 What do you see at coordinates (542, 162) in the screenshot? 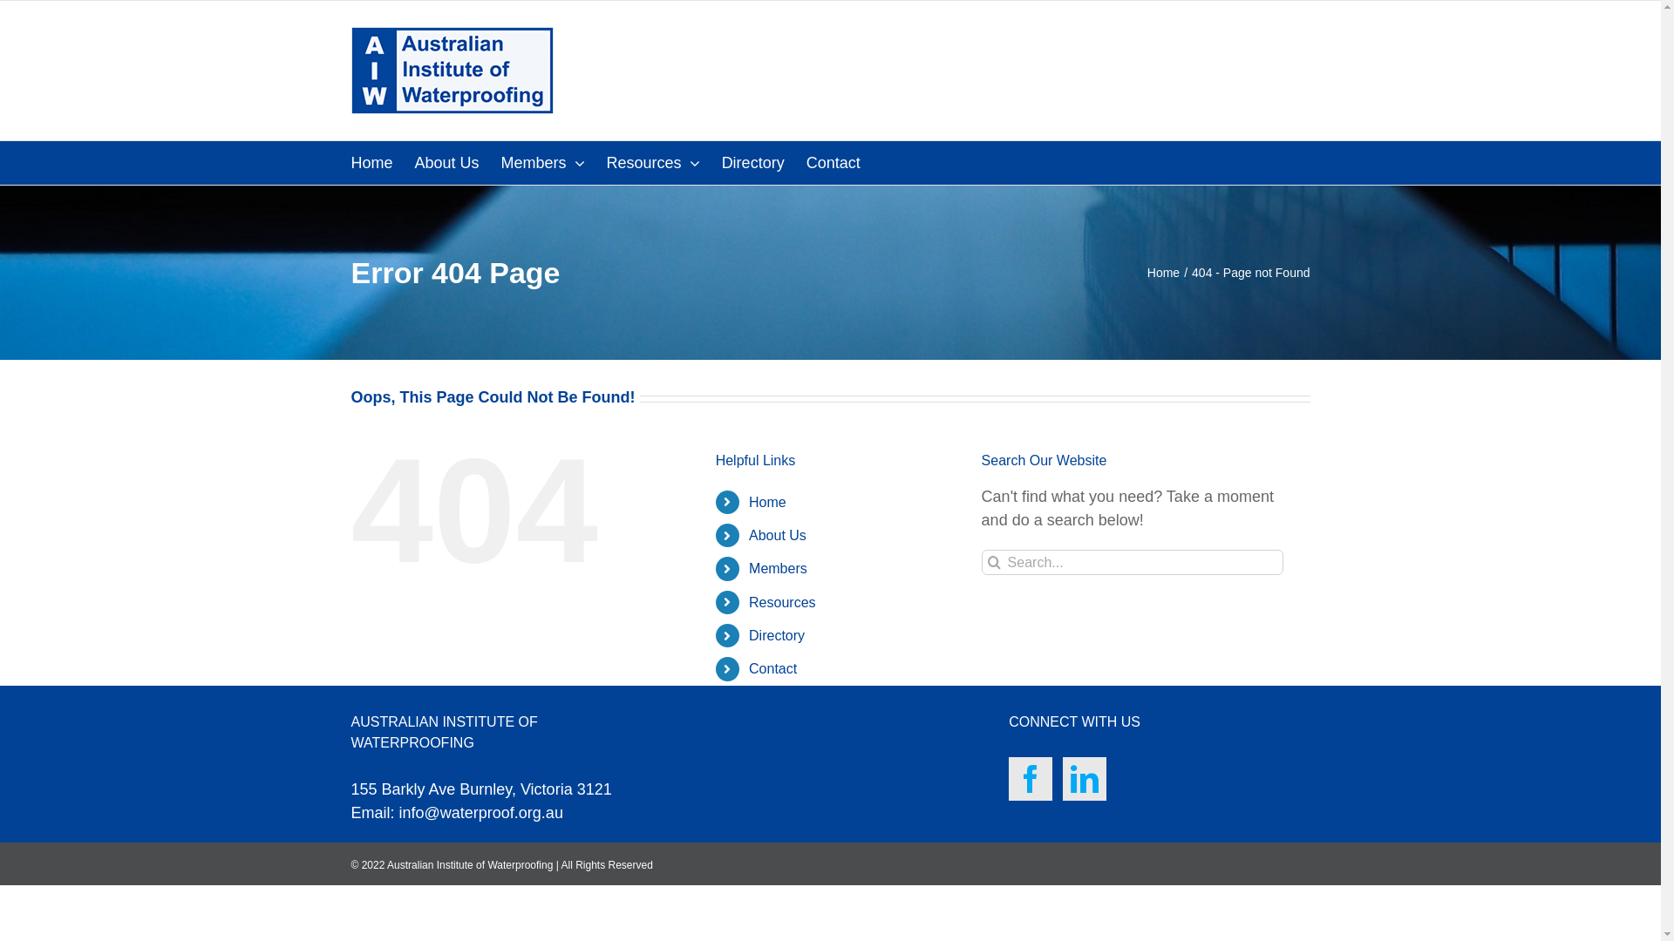
I see `'Members'` at bounding box center [542, 162].